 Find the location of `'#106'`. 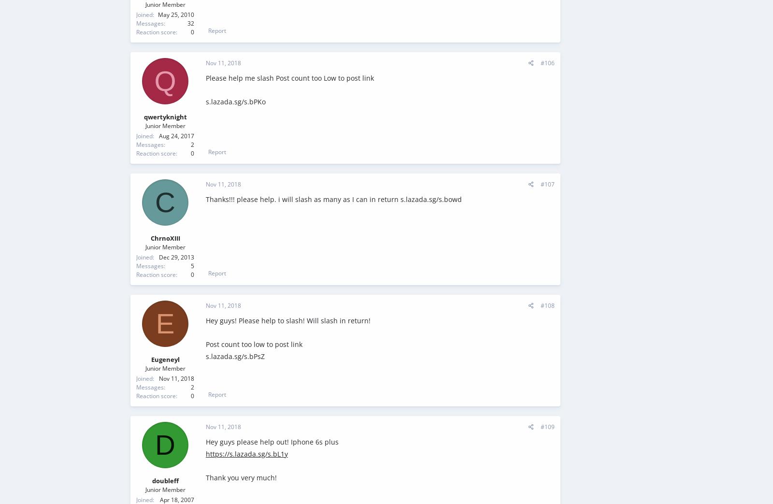

'#106' is located at coordinates (541, 63).